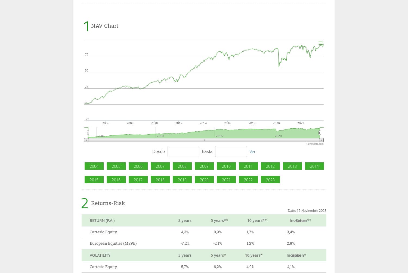  I want to click on 'RETURN (P.A.)', so click(102, 220).